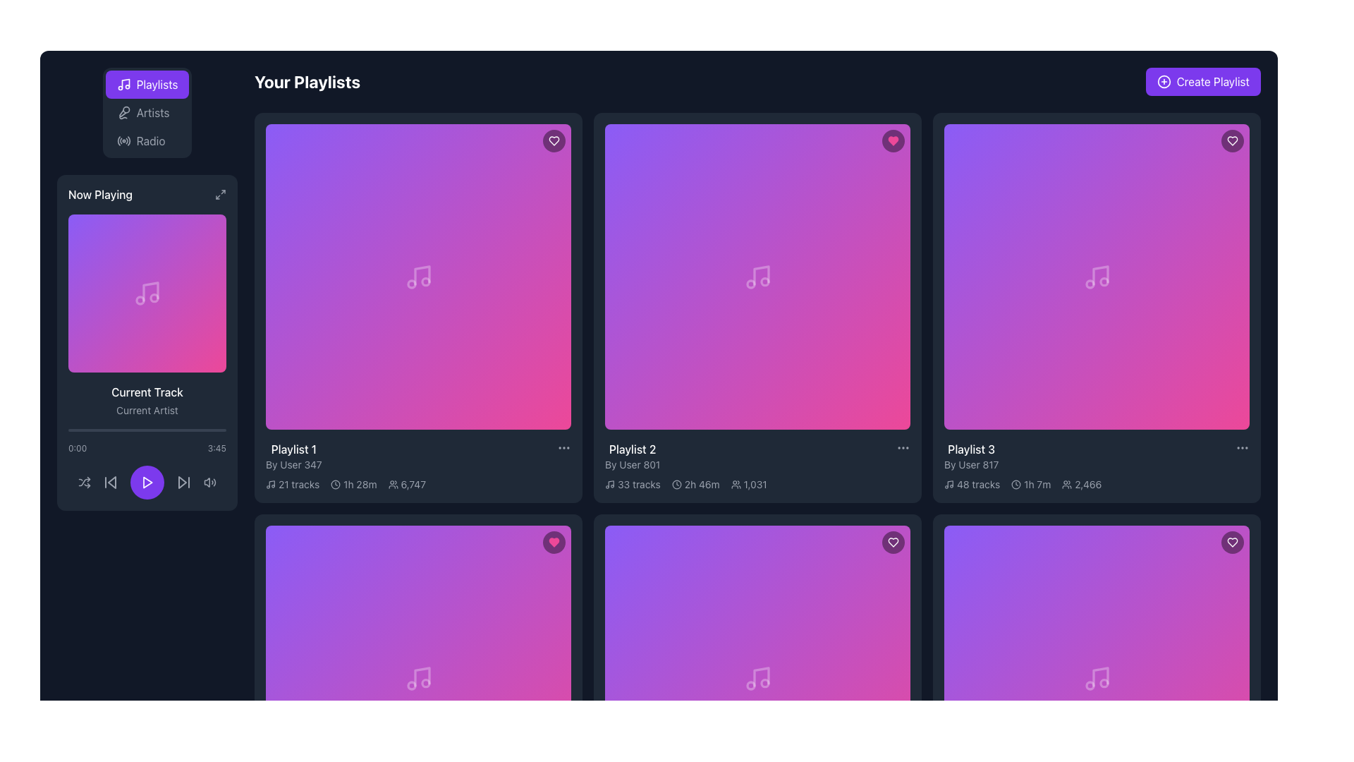  Describe the element at coordinates (676, 483) in the screenshot. I see `the small clock icon located within the 'Playlist 2' card, which is styled with circular and linear components and positioned to the left of the text '2h 46m'` at that location.